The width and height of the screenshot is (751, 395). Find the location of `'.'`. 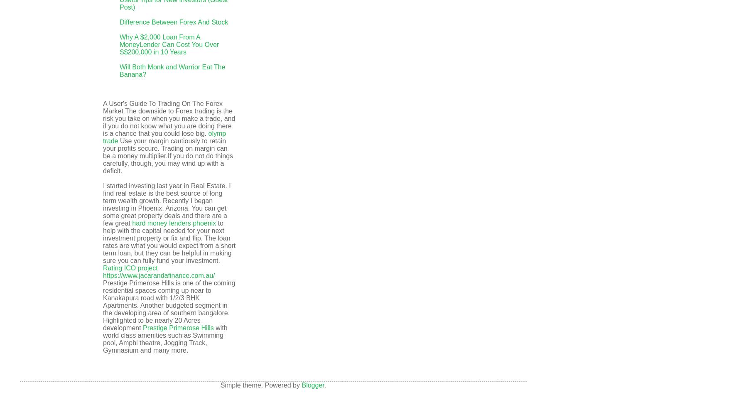

'.' is located at coordinates (325, 385).